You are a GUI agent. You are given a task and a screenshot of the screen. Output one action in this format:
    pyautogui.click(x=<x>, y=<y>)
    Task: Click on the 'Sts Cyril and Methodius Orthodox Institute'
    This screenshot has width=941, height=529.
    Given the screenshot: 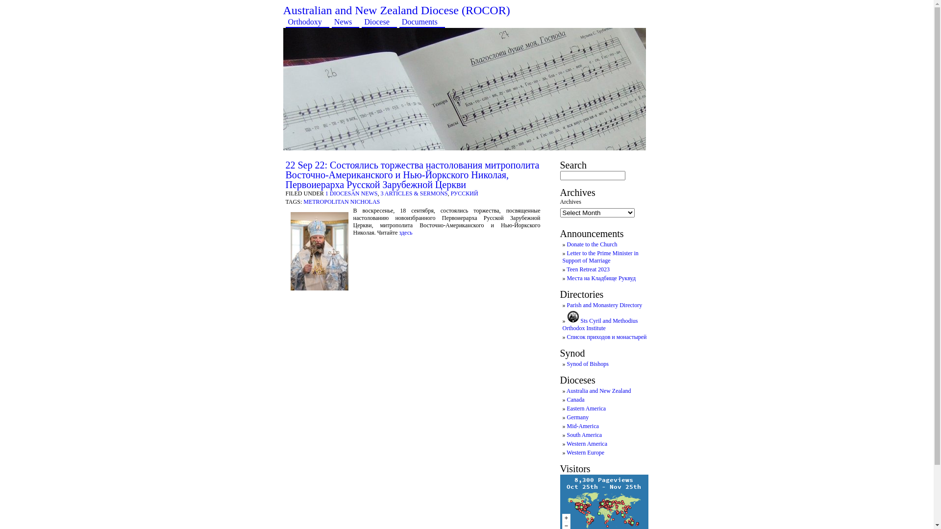 What is the action you would take?
    pyautogui.click(x=562, y=324)
    